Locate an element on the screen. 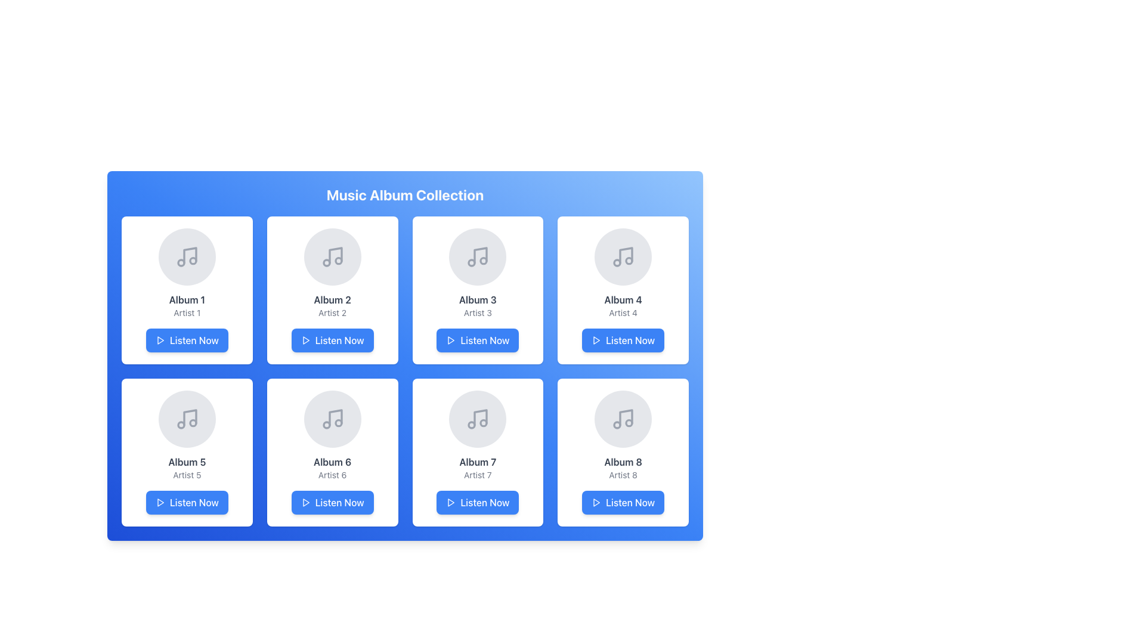  the text label displaying the title 'Album 7', which is located at the top of the seventh card in the grid layout is located at coordinates (478, 462).